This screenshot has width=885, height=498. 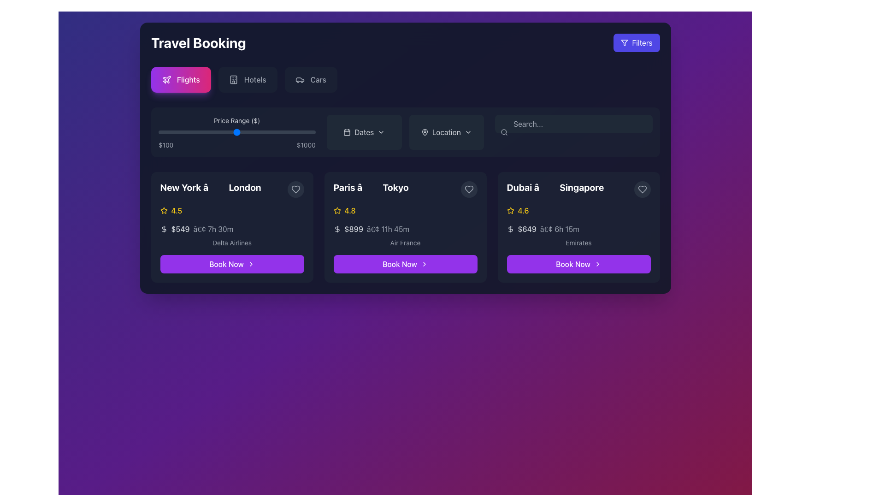 What do you see at coordinates (573, 124) in the screenshot?
I see `the search input field located near the top-right of the central interface to focus on it for user input` at bounding box center [573, 124].